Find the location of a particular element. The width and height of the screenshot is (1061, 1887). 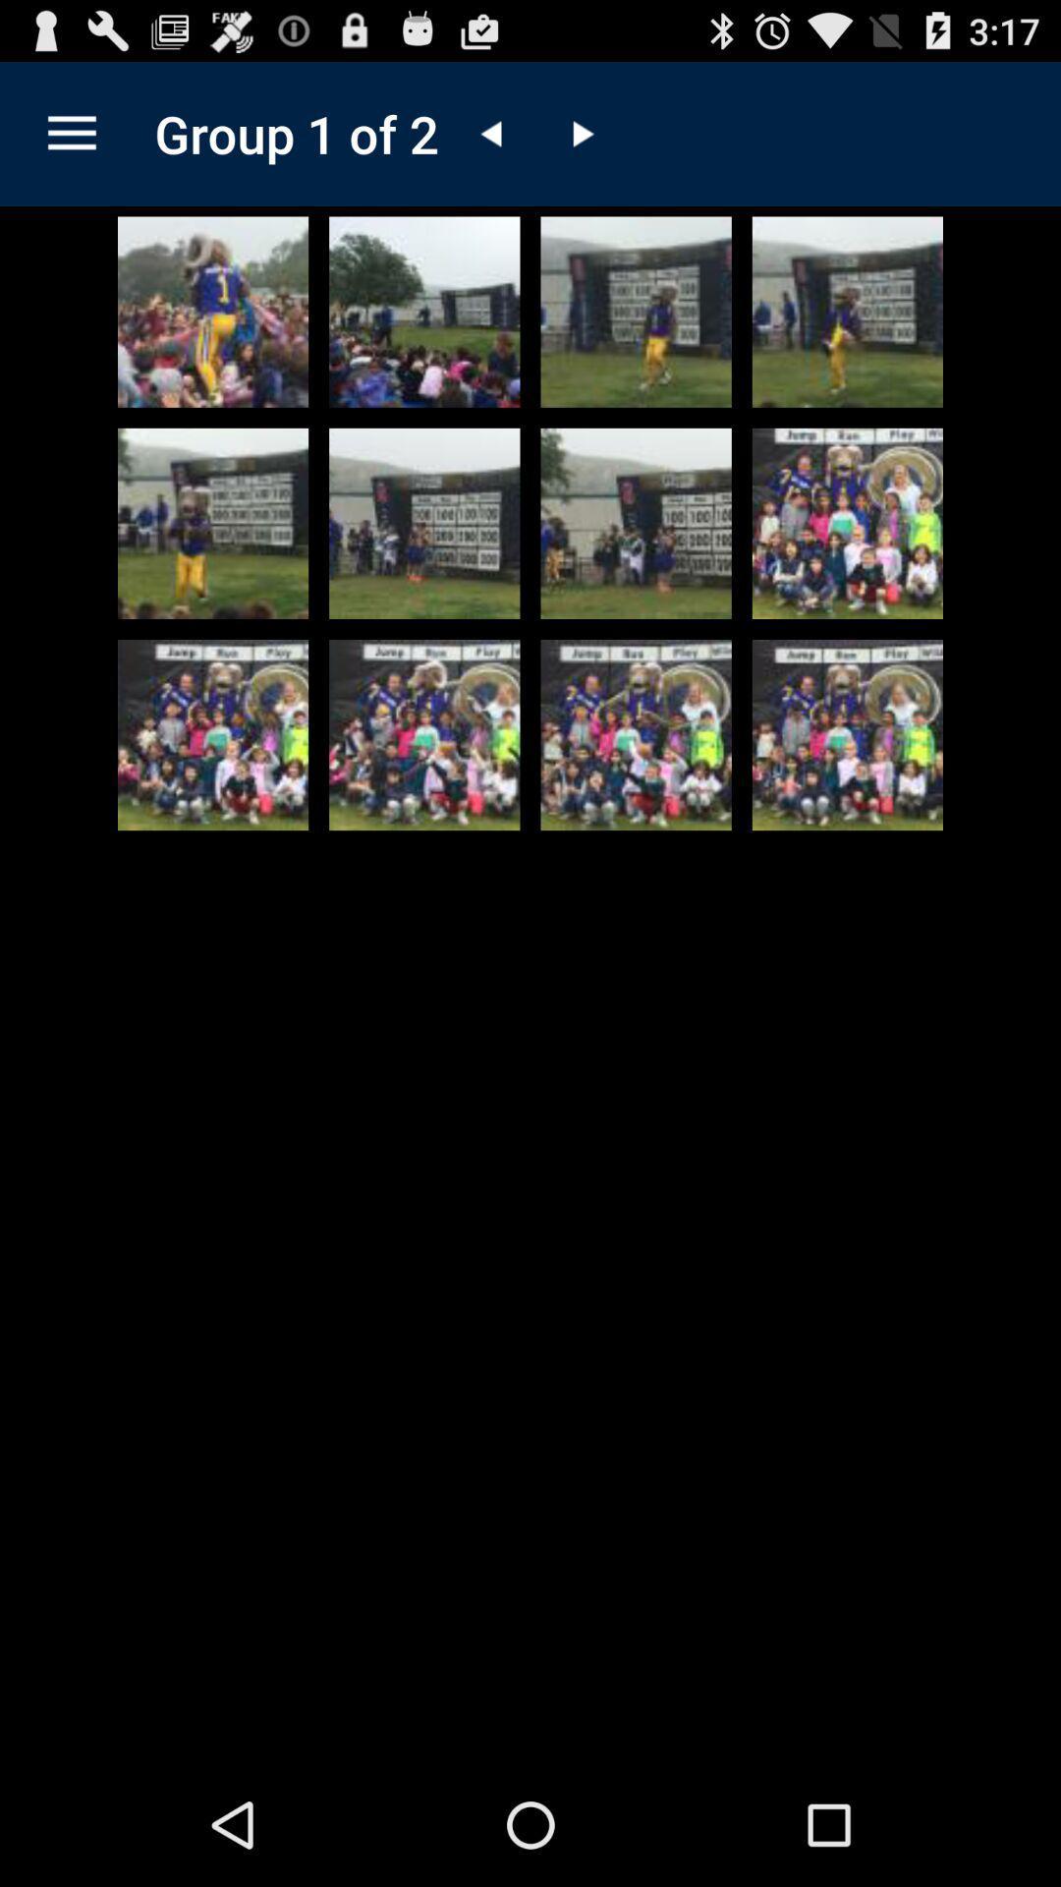

next group is located at coordinates (580, 133).